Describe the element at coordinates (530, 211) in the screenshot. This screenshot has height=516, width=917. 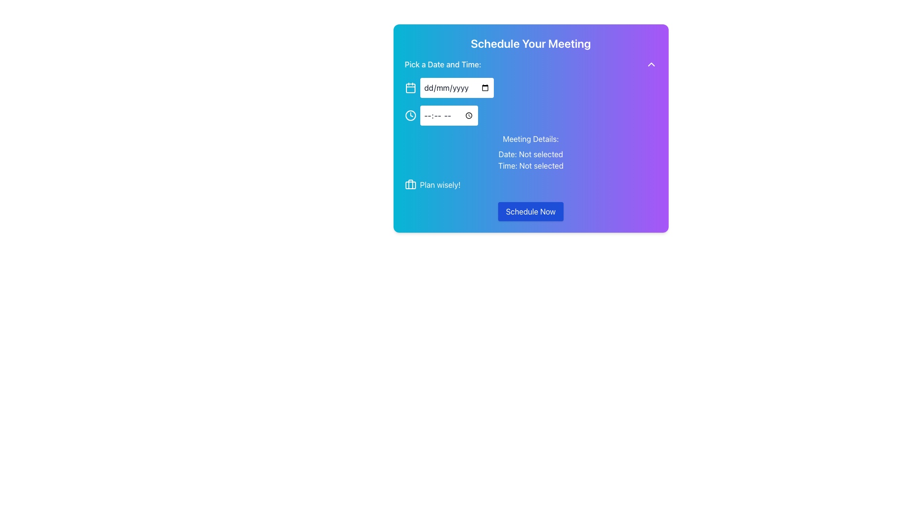
I see `the scheduling button located at the lower right of the 'Schedule Your Meeting' card to observe the hover effect` at that location.